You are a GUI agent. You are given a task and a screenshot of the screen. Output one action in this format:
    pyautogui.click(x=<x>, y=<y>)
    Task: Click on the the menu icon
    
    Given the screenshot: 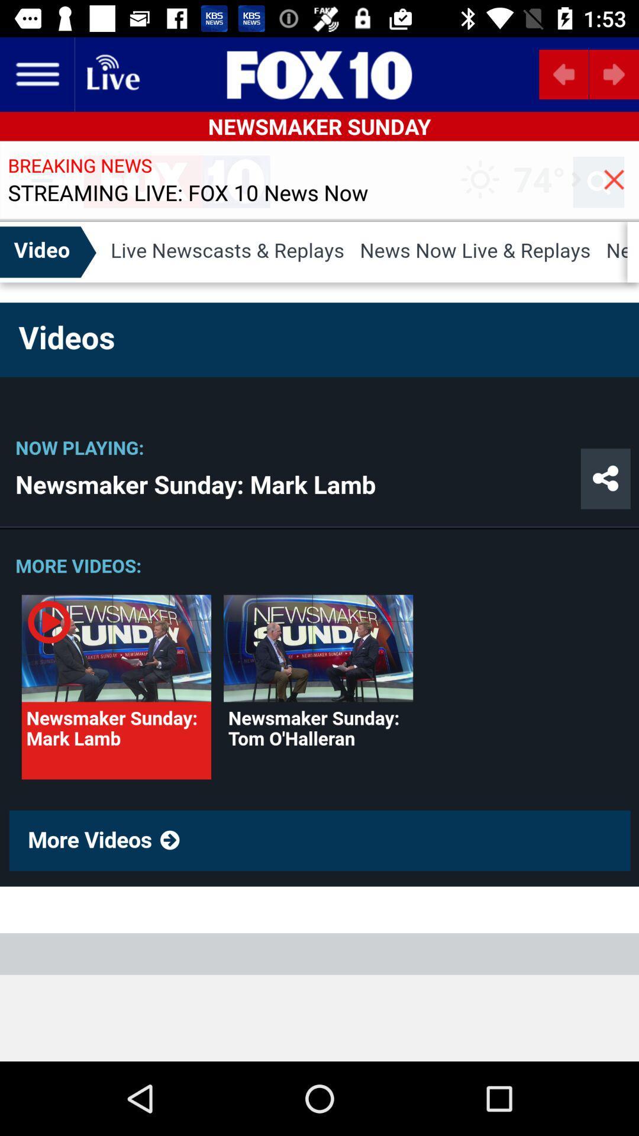 What is the action you would take?
    pyautogui.click(x=36, y=73)
    